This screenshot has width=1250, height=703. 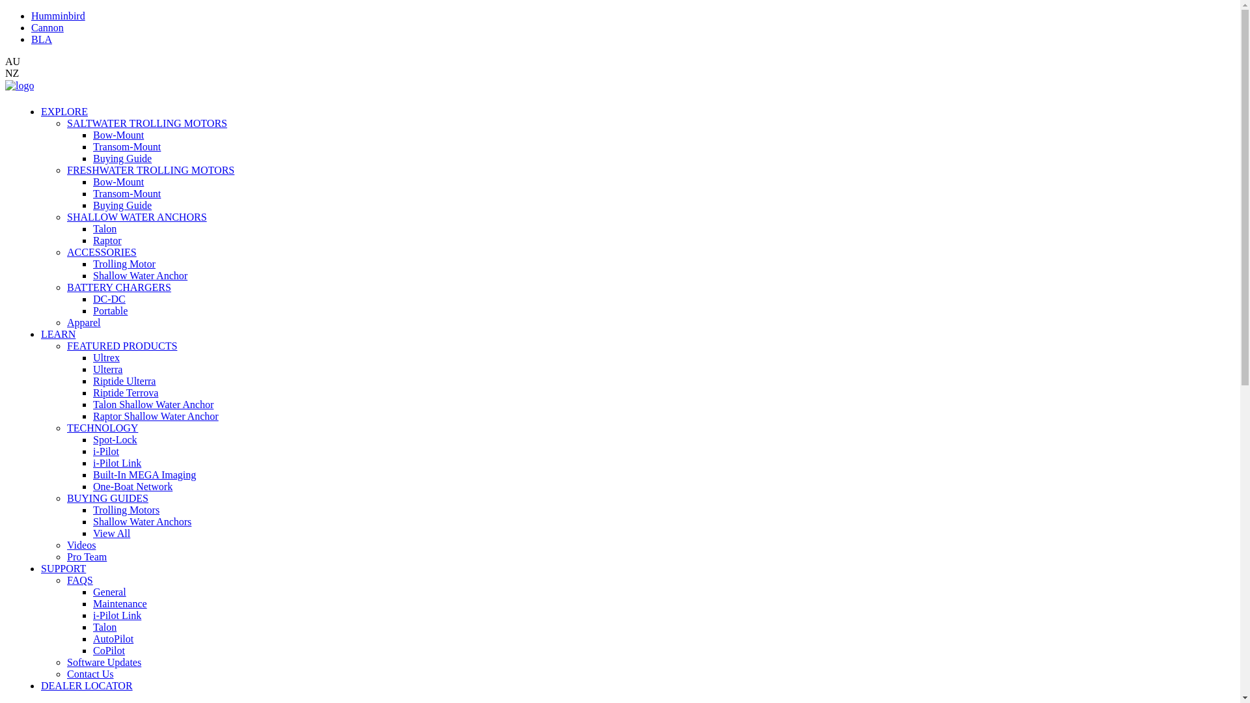 What do you see at coordinates (62, 568) in the screenshot?
I see `'SUPPORT'` at bounding box center [62, 568].